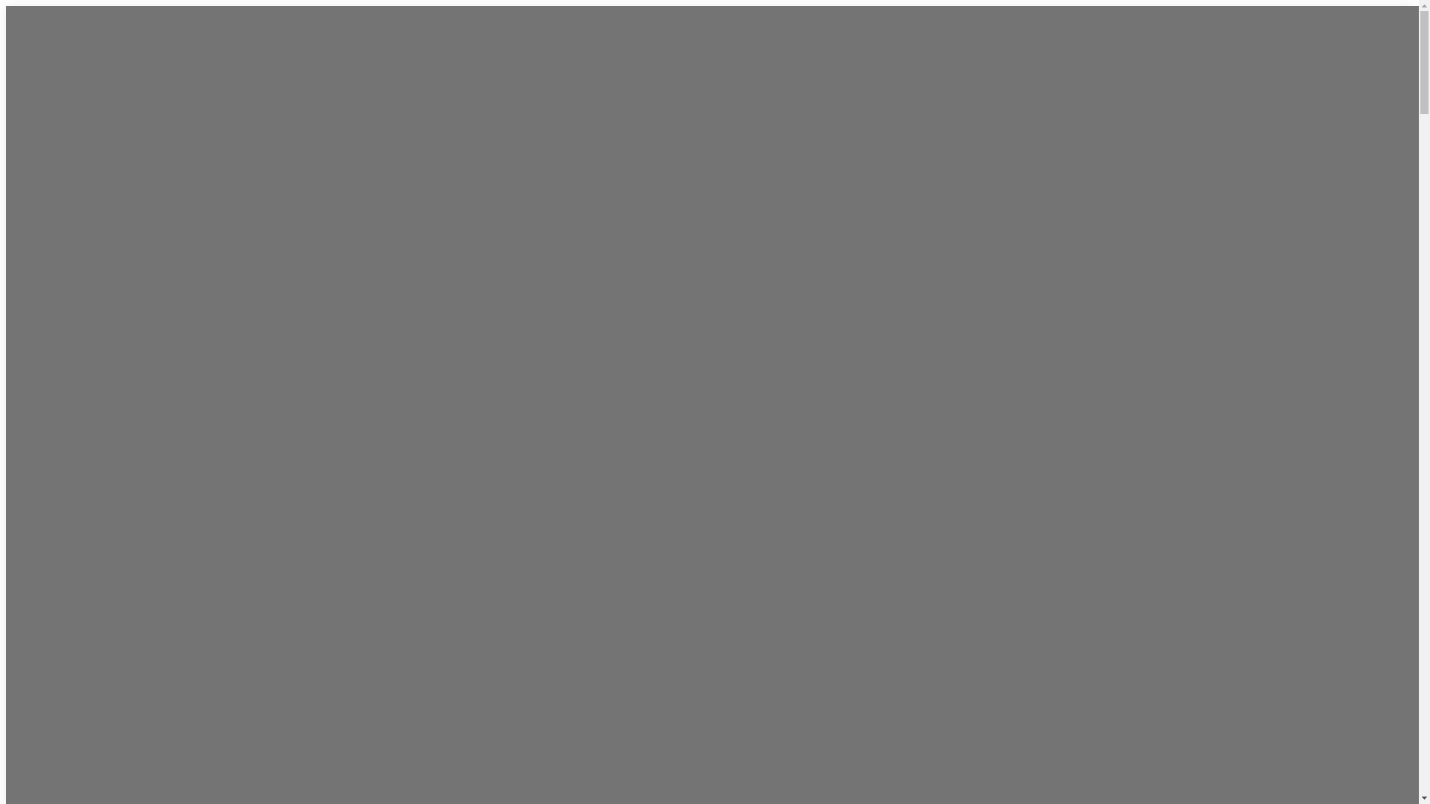 This screenshot has width=1430, height=804. I want to click on 'Serafina Carrington', so click(618, 441).